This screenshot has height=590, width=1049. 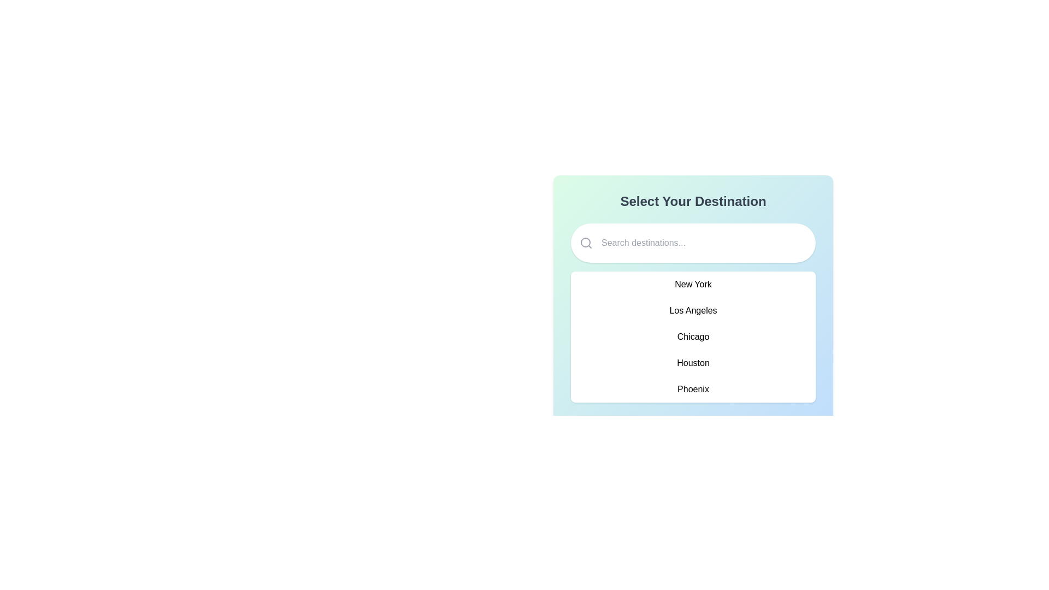 I want to click on the list item displaying 'New York', so click(x=692, y=284).